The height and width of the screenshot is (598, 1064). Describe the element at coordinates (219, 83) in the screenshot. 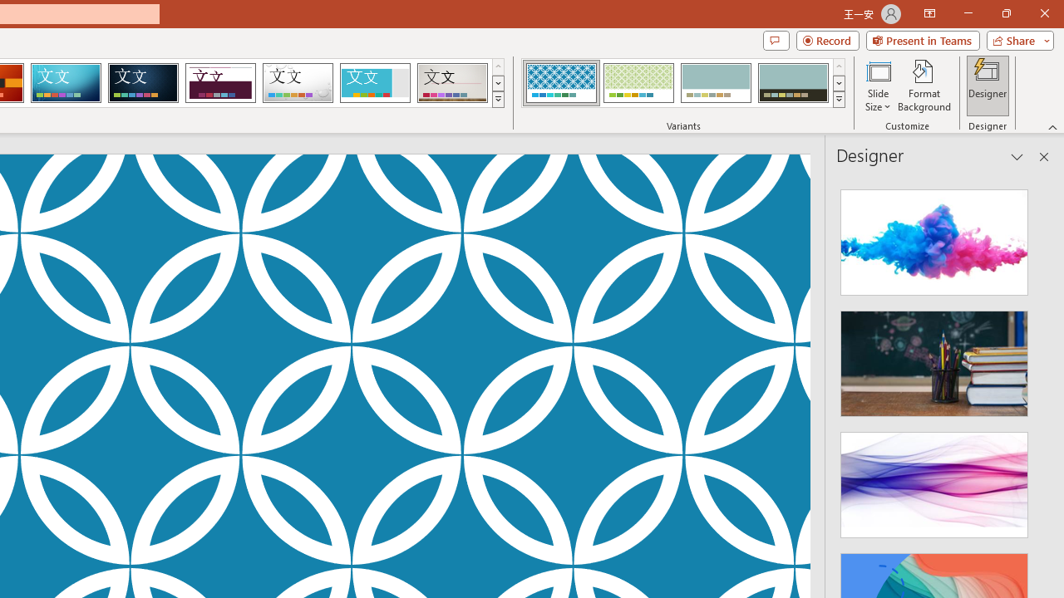

I see `'Dividend Loading Preview...'` at that location.